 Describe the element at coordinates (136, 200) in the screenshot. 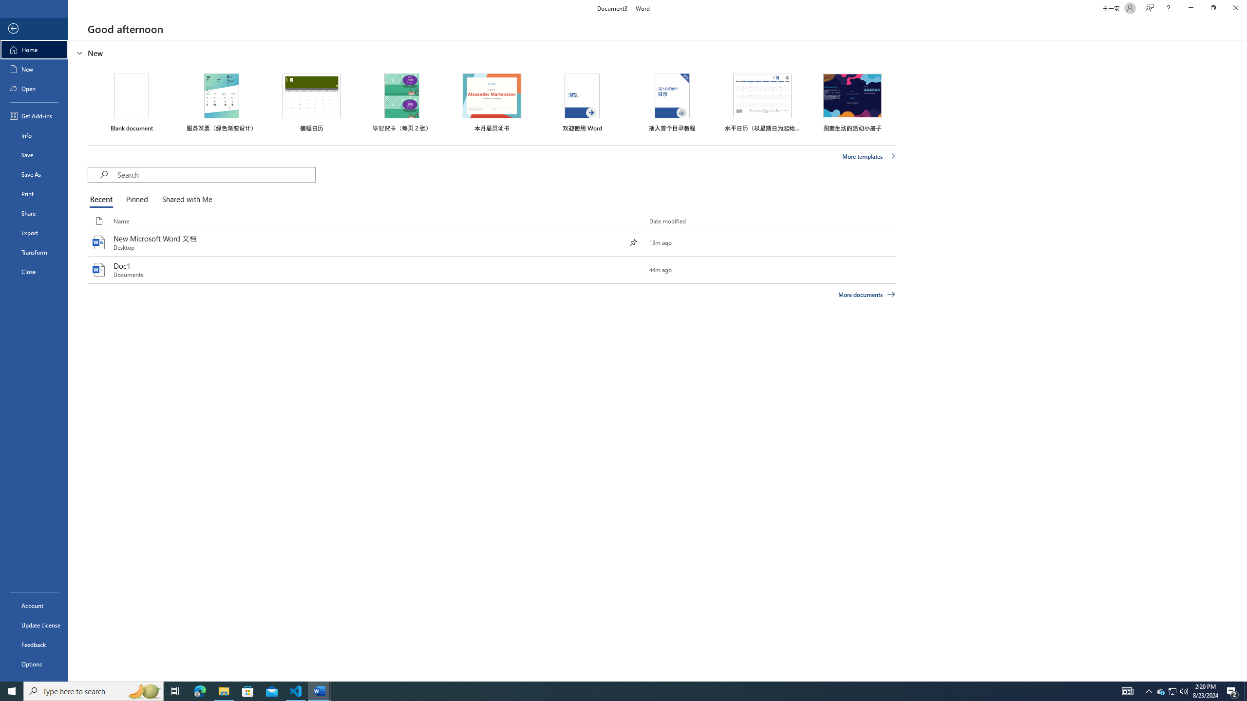

I see `'Pinned'` at that location.